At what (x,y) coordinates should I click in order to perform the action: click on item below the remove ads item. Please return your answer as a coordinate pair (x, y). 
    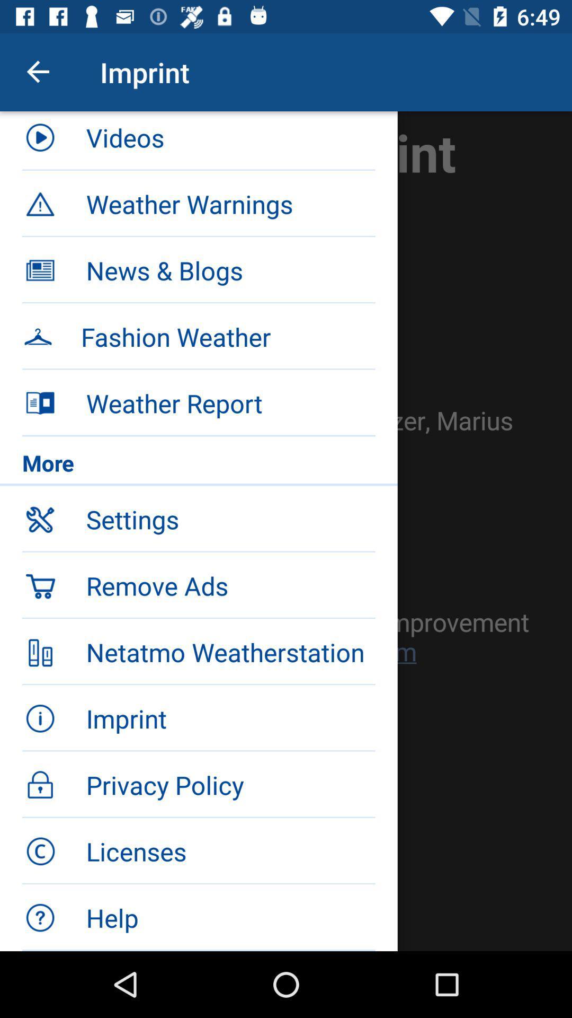
    Looking at the image, I should click on (230, 651).